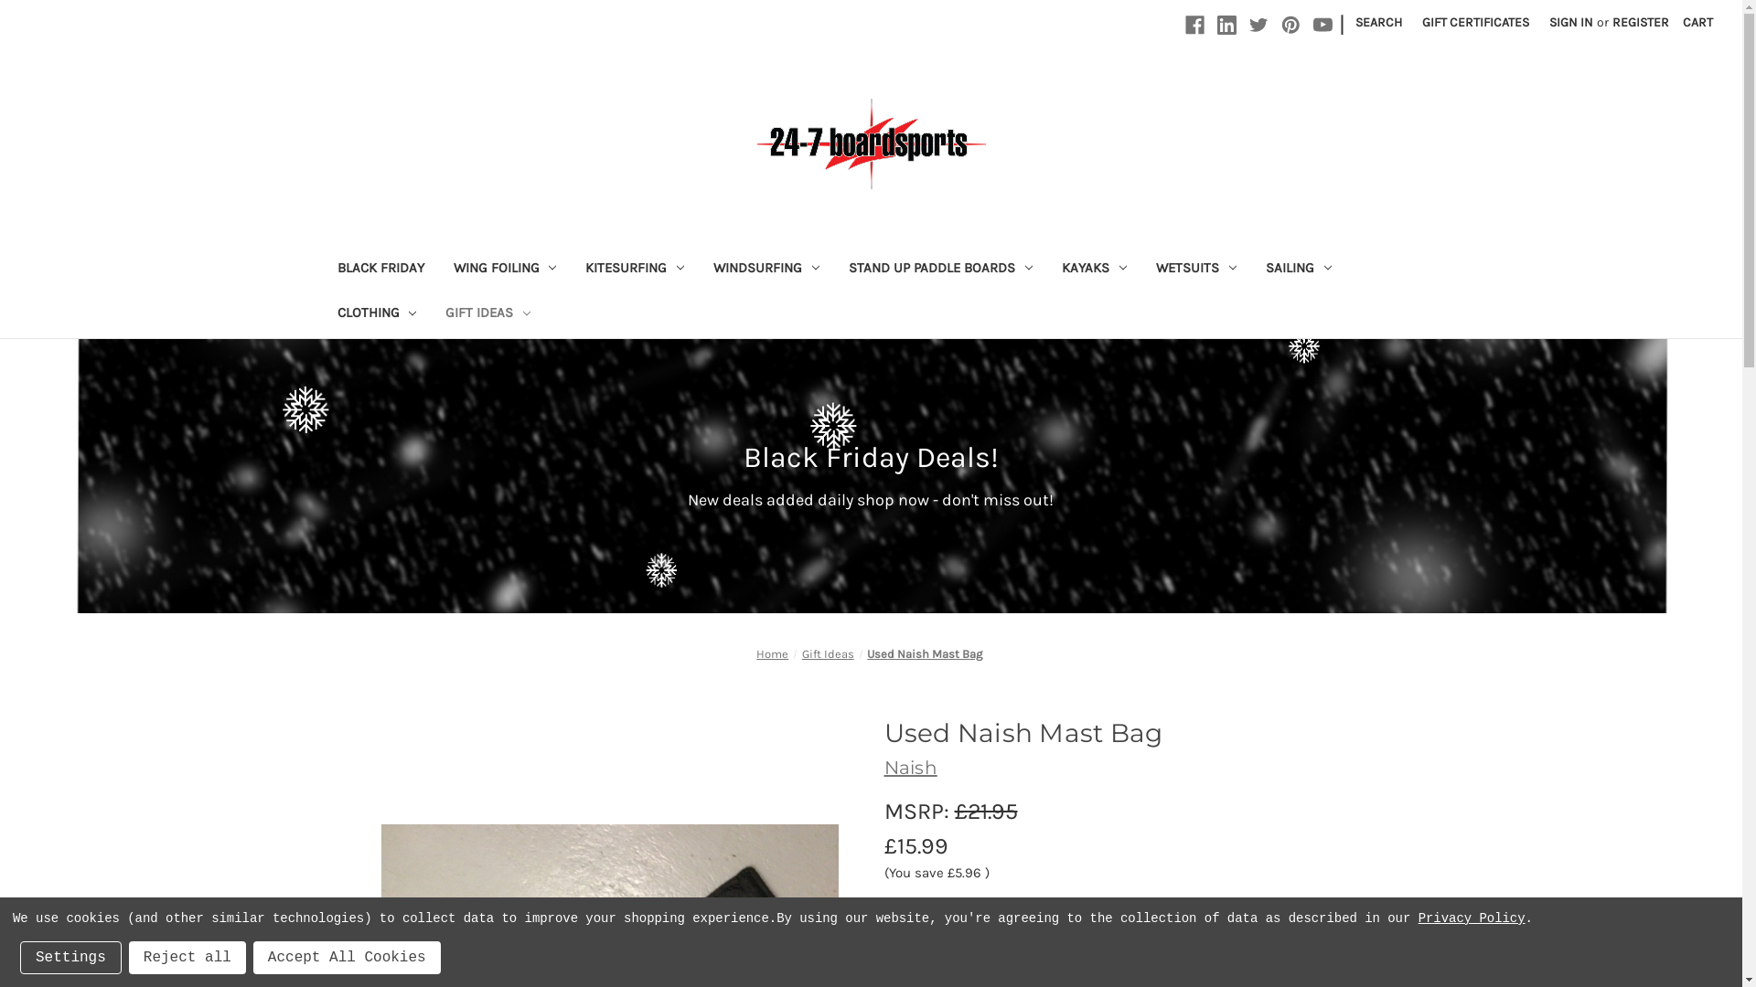  I want to click on '24-7 Boardsports', so click(871, 143).